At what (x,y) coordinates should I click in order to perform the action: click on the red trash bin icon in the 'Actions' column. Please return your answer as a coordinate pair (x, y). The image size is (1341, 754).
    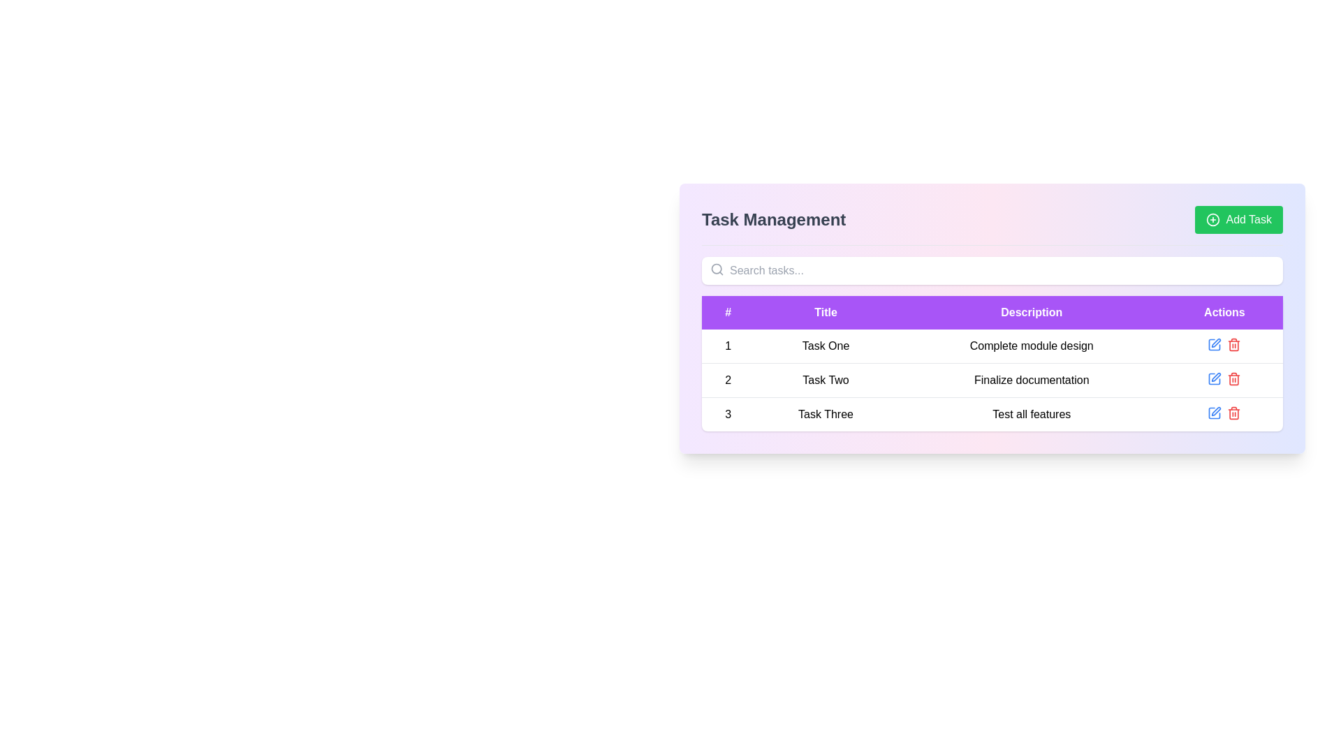
    Looking at the image, I should click on (1234, 346).